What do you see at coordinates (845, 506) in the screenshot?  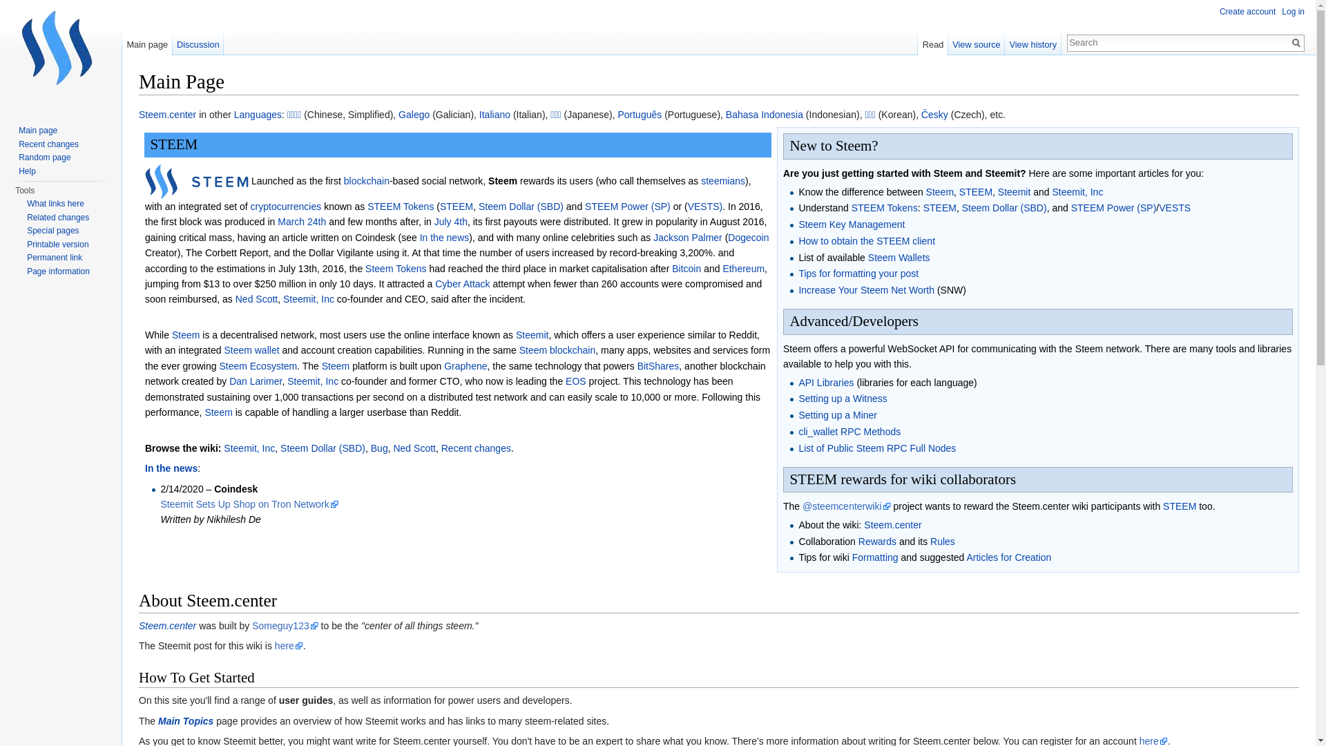 I see `'@steemcenterwiki'` at bounding box center [845, 506].